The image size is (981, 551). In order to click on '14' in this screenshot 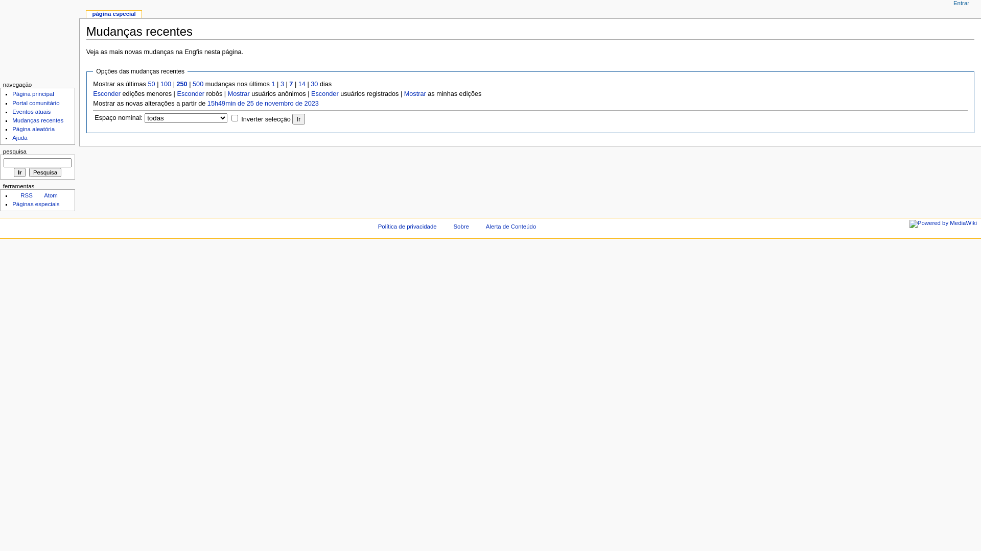, I will do `click(301, 84)`.